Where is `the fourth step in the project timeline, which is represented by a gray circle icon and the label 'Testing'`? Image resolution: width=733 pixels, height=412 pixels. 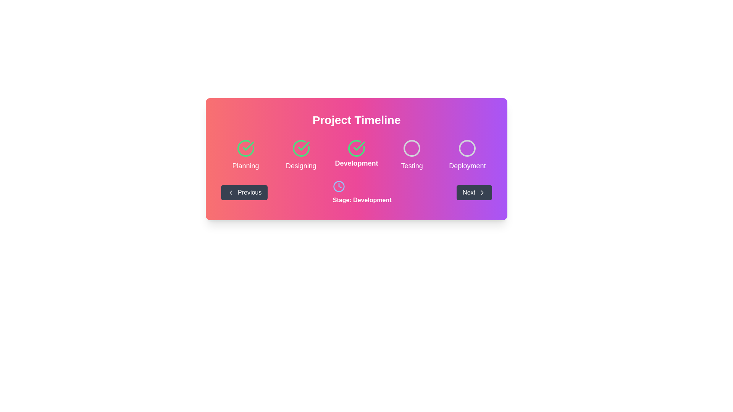
the fourth step in the project timeline, which is represented by a gray circle icon and the label 'Testing' is located at coordinates (412, 155).